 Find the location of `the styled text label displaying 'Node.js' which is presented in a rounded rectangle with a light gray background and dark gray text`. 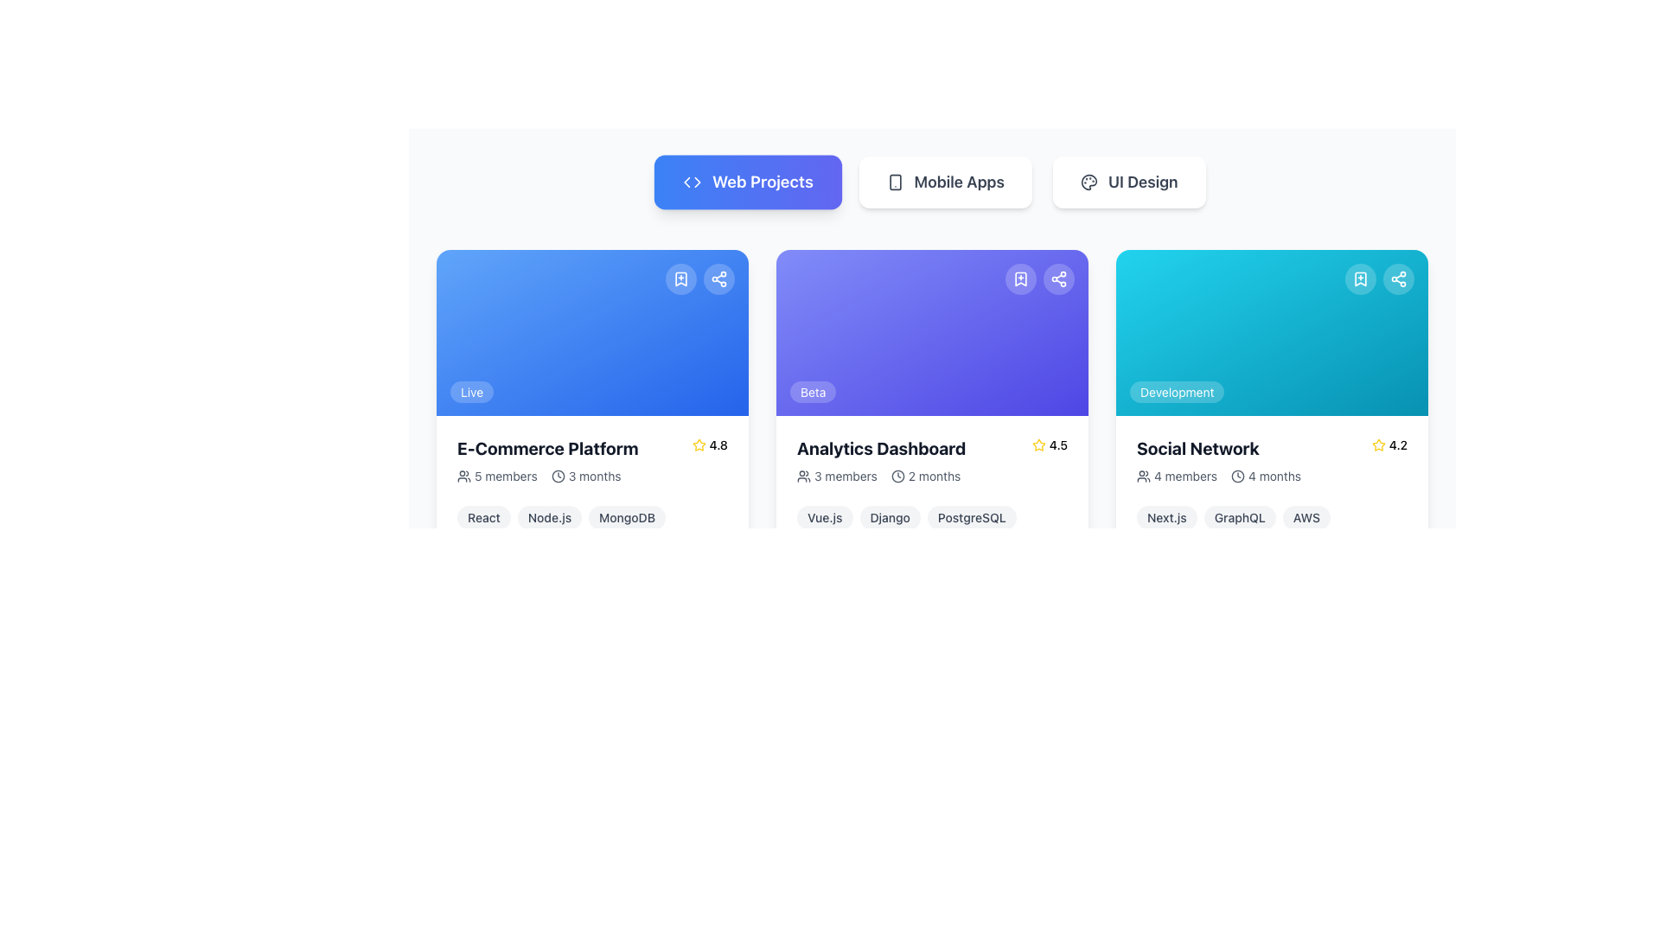

the styled text label displaying 'Node.js' which is presented in a rounded rectangle with a light gray background and dark gray text is located at coordinates (548, 516).